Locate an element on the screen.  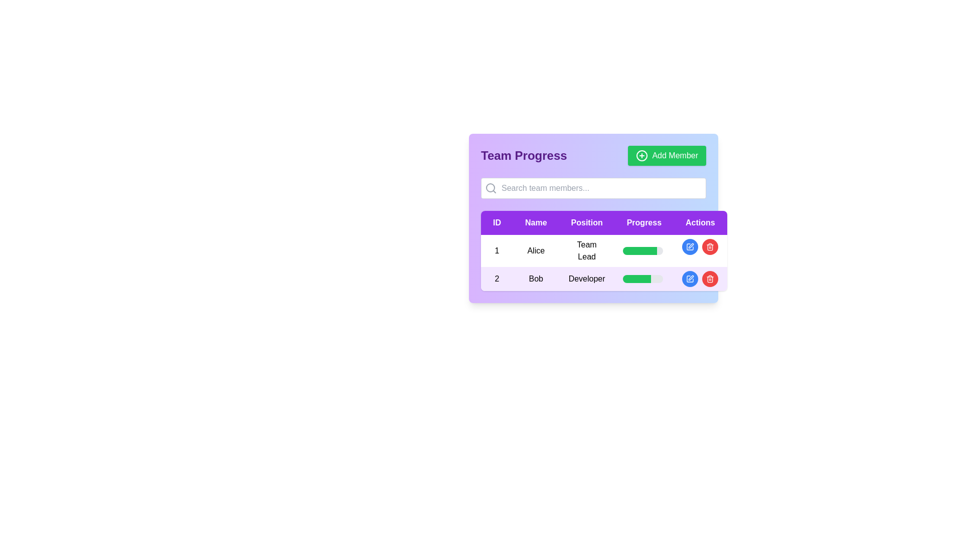
the Static Text displaying the number '2' in the first column of the second row of the table interface is located at coordinates (497, 279).